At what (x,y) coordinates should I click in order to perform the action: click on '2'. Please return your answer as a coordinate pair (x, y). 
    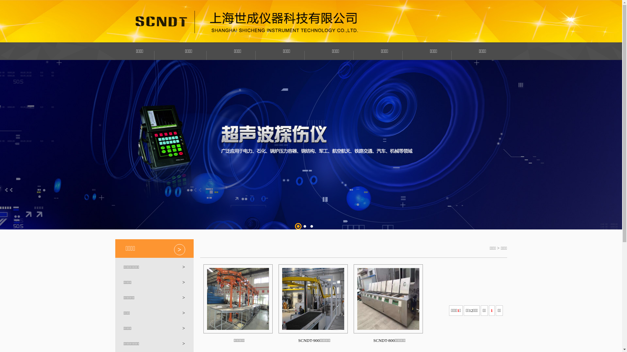
    Looking at the image, I should click on (305, 226).